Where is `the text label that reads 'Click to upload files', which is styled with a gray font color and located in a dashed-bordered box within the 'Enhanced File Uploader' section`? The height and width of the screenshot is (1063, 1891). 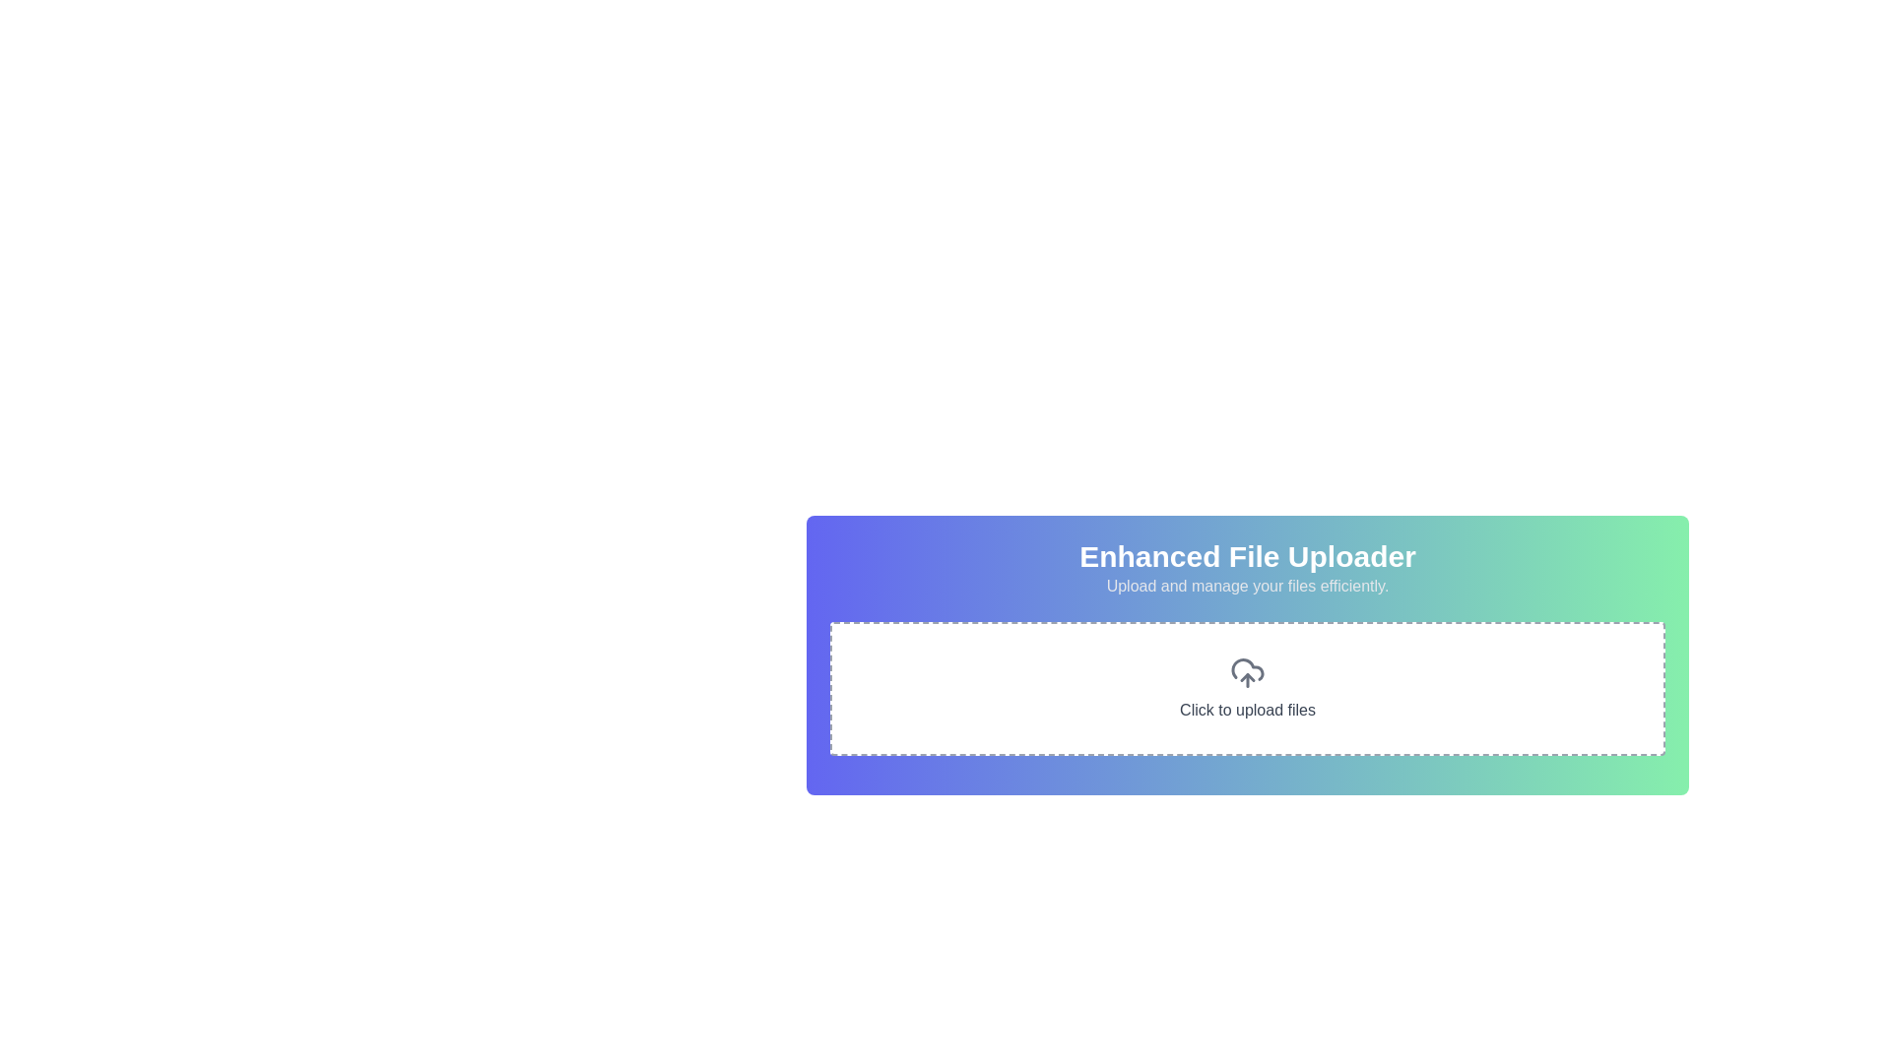 the text label that reads 'Click to upload files', which is styled with a gray font color and located in a dashed-bordered box within the 'Enhanced File Uploader' section is located at coordinates (1247, 710).